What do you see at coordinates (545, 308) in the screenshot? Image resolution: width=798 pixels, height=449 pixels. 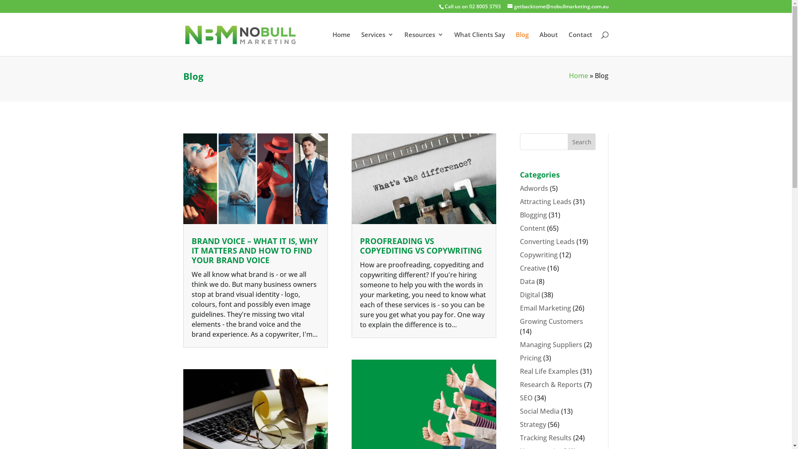 I see `'Email Marketing'` at bounding box center [545, 308].